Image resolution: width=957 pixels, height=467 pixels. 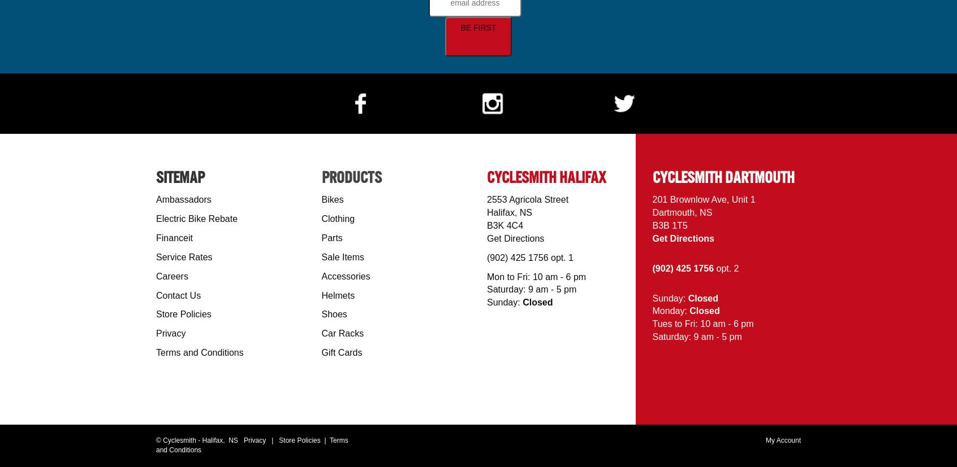 What do you see at coordinates (651, 225) in the screenshot?
I see `'B3B 1T5'` at bounding box center [651, 225].